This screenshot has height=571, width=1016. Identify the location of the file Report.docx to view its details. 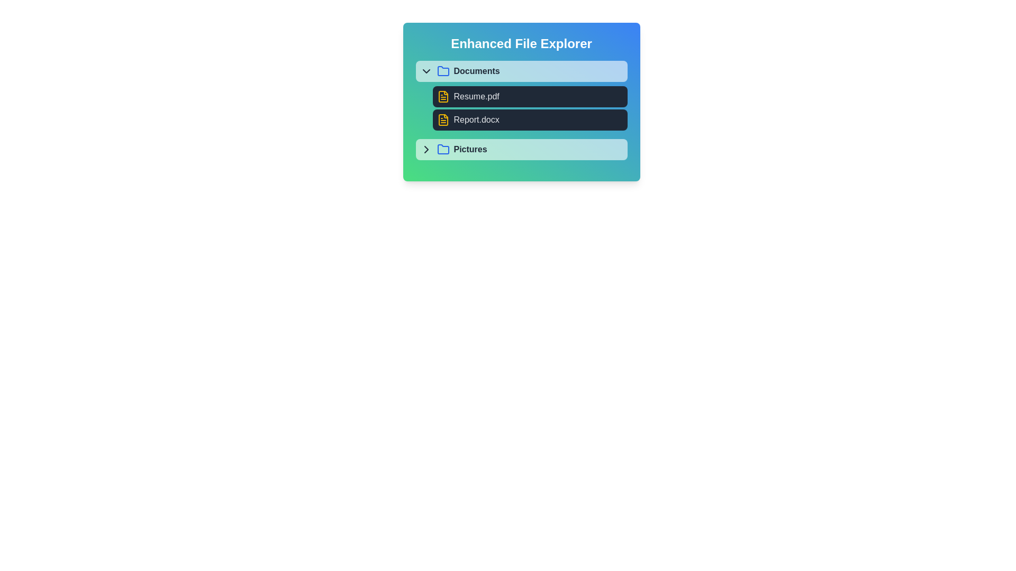
(530, 119).